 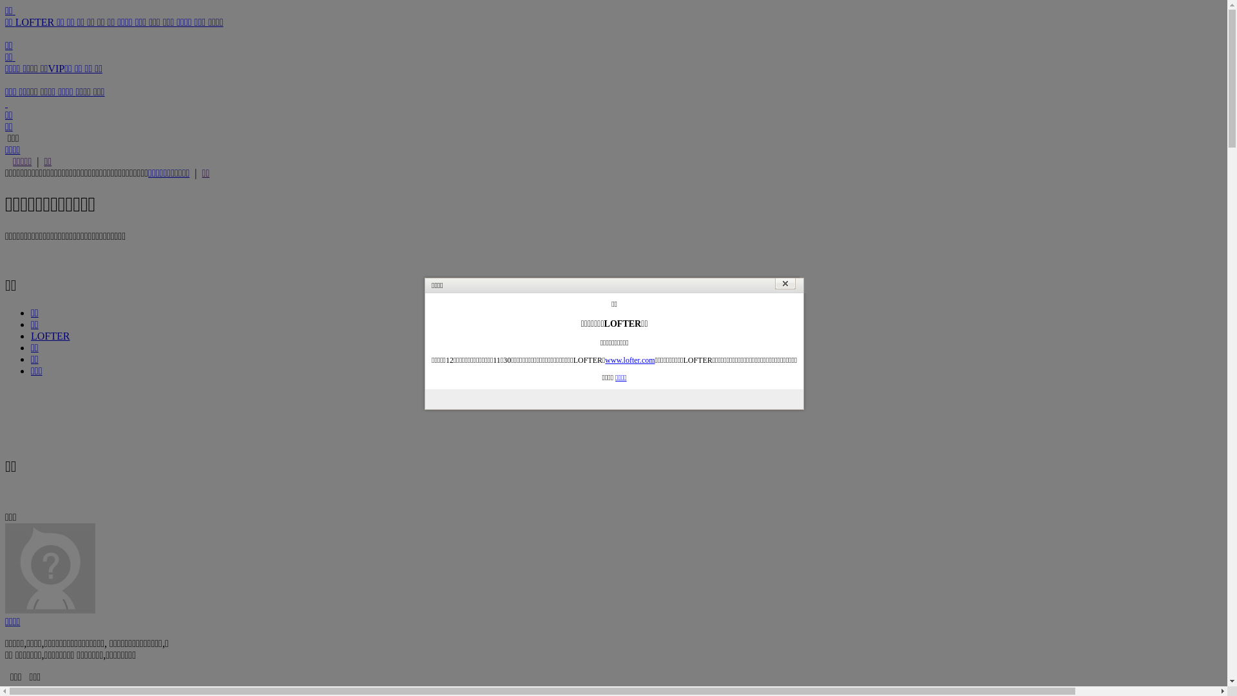 I want to click on 'LOFTER', so click(x=31, y=335).